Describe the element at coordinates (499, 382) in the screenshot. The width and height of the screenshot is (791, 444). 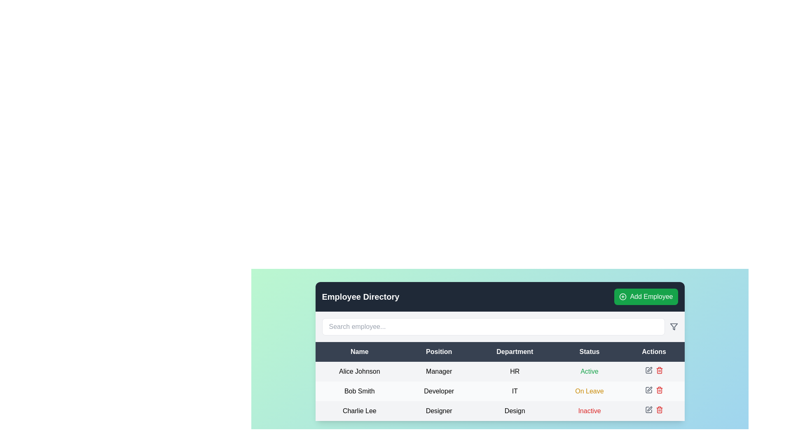
I see `the table cell displaying the department of employee Alice Johnson, which is 'HR', to trigger hover effects` at that location.